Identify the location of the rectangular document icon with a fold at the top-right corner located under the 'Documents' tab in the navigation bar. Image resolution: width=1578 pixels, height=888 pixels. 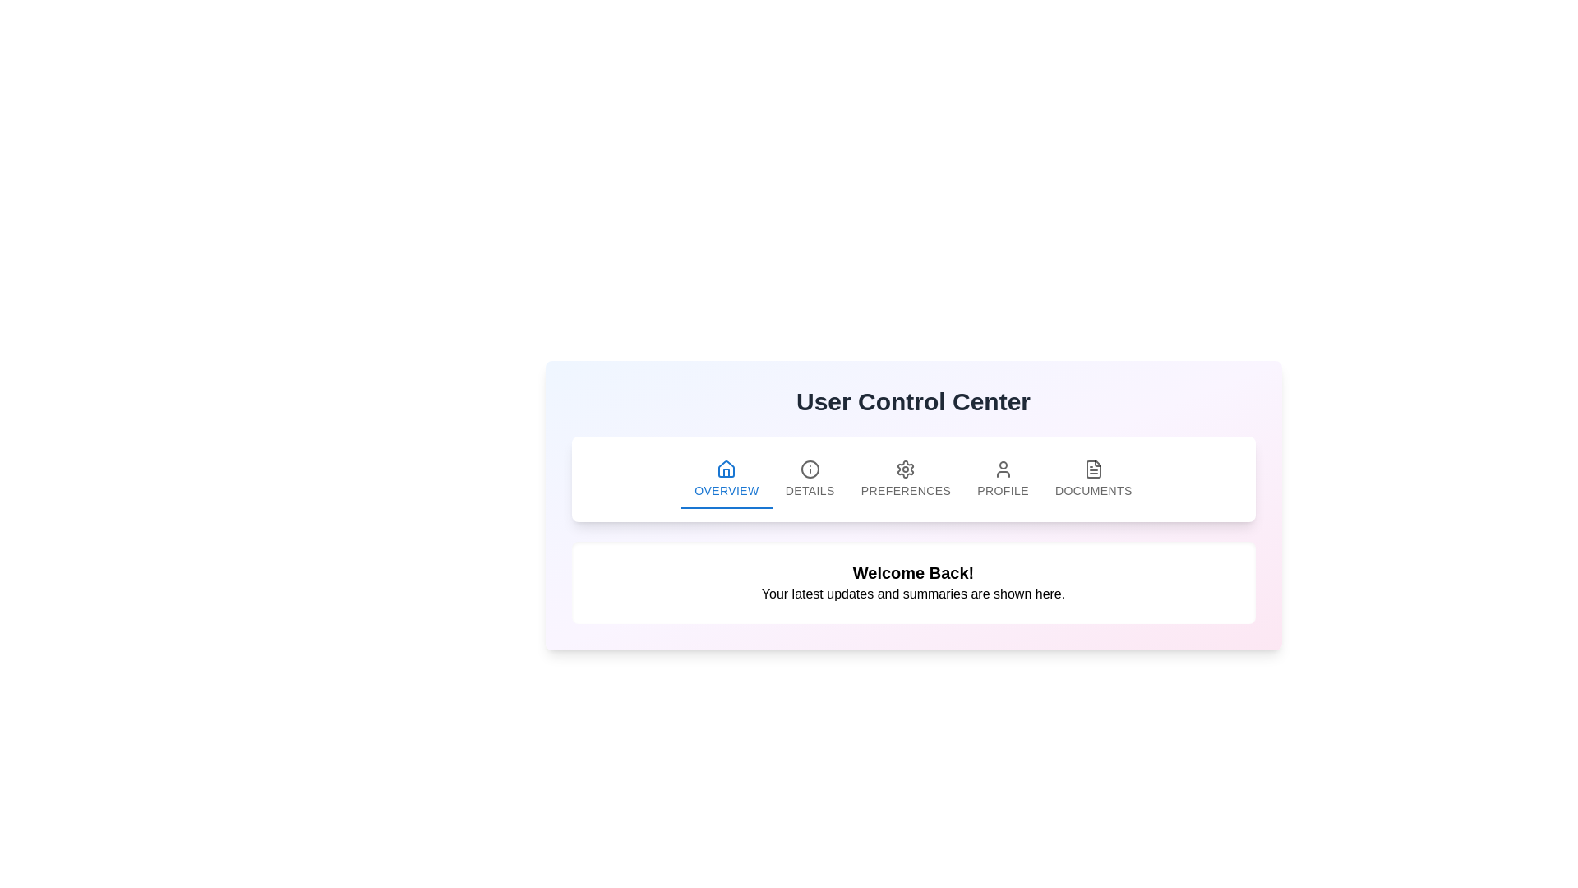
(1093, 469).